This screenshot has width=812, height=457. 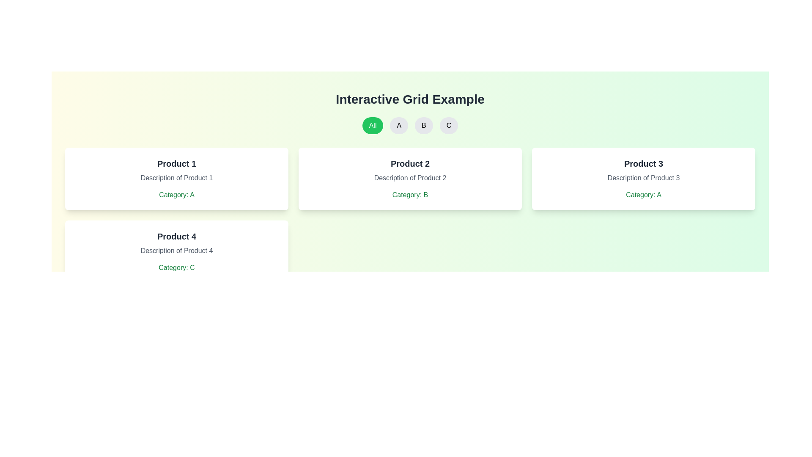 I want to click on the static text label displaying 'Description of Product 3' located within the third card from the left in the top row of the grid, so click(x=643, y=177).